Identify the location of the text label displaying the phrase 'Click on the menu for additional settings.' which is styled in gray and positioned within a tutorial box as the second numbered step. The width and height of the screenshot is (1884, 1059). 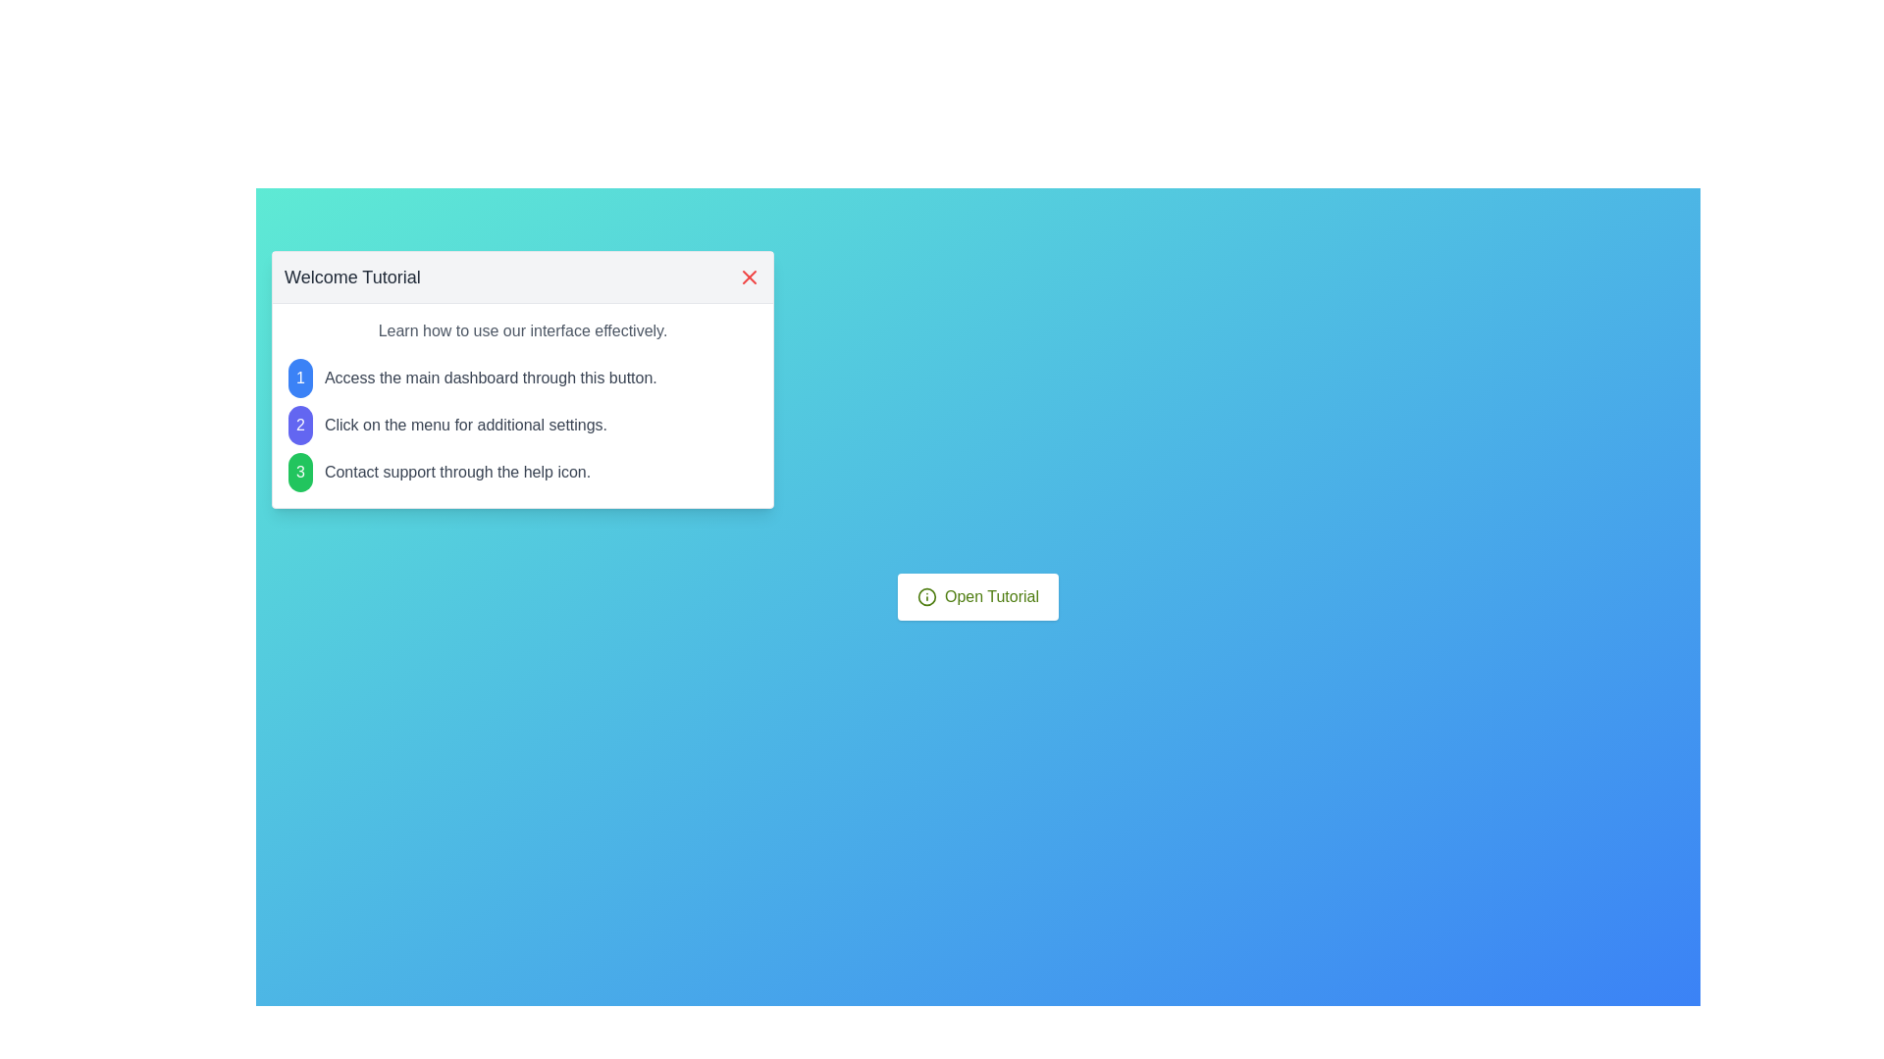
(465, 425).